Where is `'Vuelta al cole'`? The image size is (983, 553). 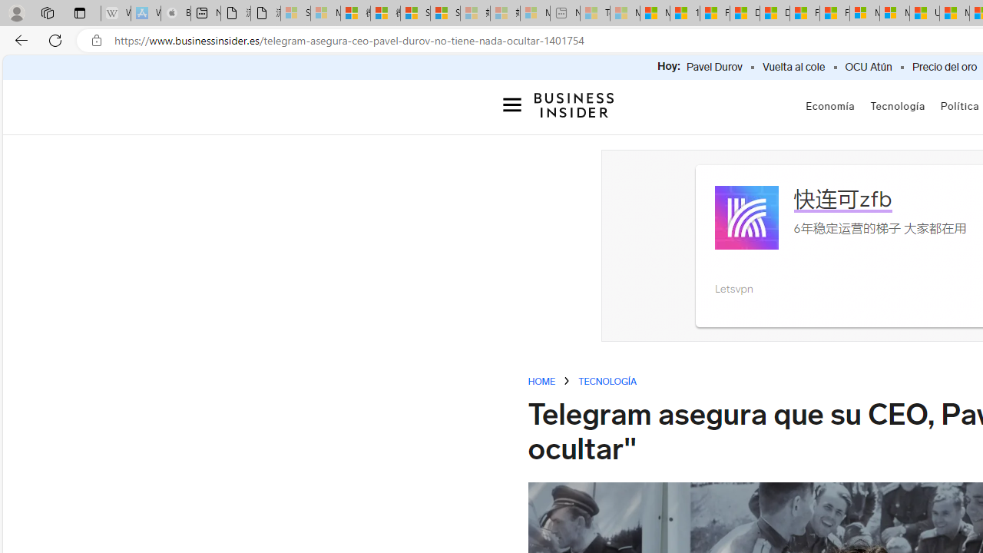 'Vuelta al cole' is located at coordinates (793, 67).